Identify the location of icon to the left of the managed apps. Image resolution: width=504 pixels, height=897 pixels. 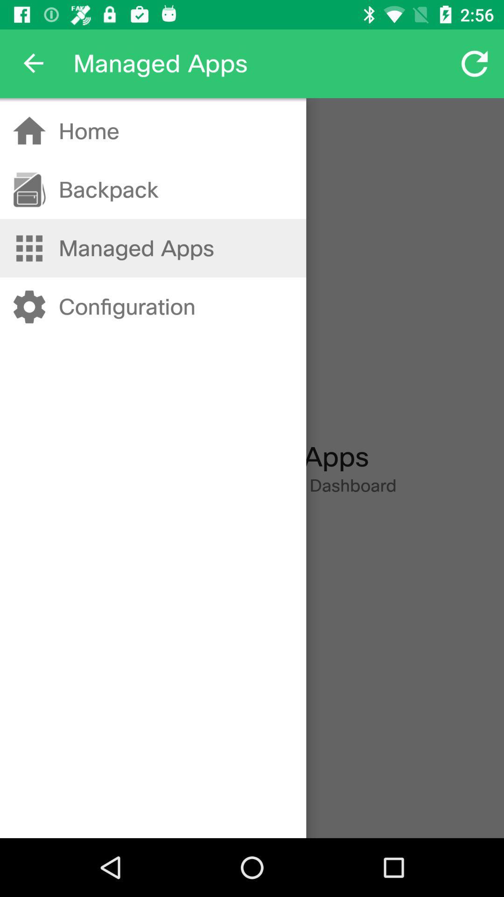
(34, 63).